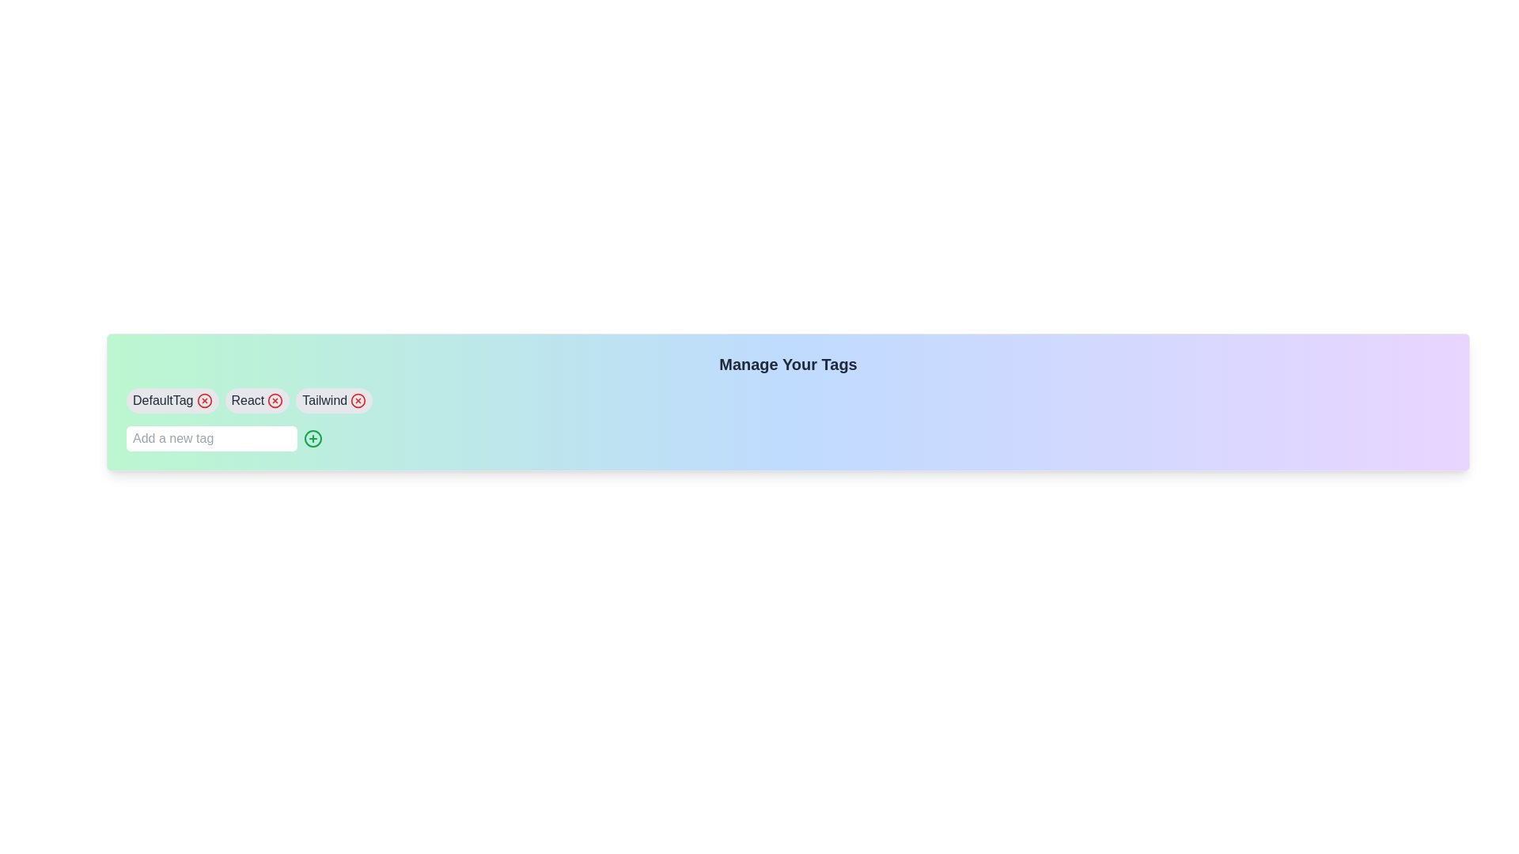 This screenshot has height=854, width=1519. What do you see at coordinates (313, 439) in the screenshot?
I see `the decorative SVG-based circular icon located near the bottom of the interface, adjacent to the 'Add a new tag' input field` at bounding box center [313, 439].